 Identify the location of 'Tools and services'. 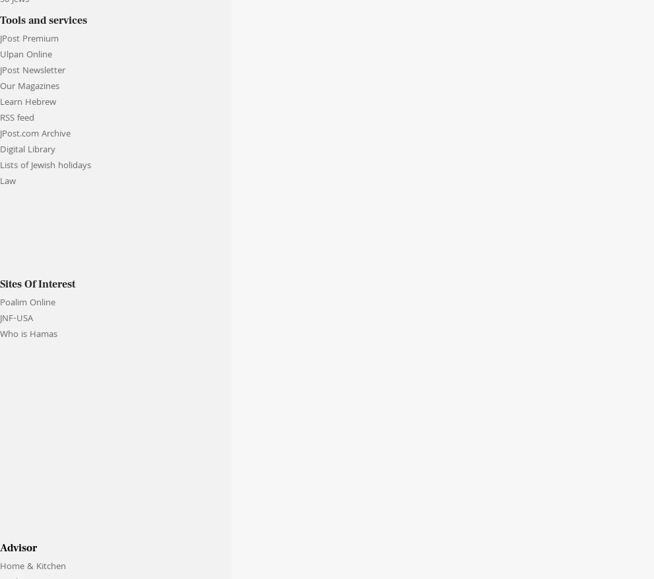
(44, 19).